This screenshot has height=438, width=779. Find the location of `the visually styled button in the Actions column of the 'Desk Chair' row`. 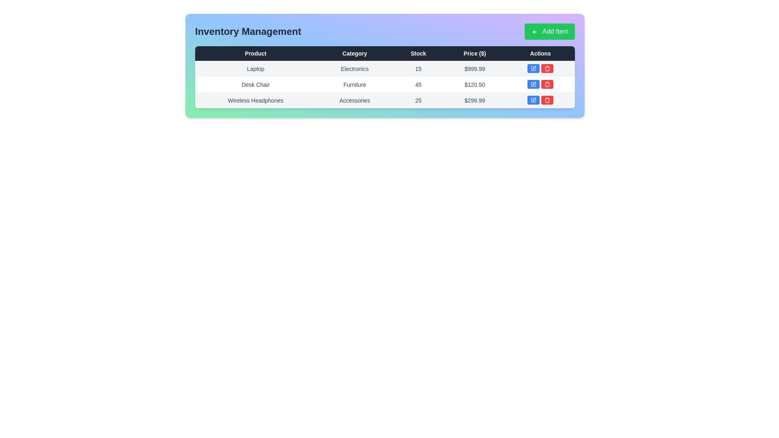

the visually styled button in the Actions column of the 'Desk Chair' row is located at coordinates (540, 84).